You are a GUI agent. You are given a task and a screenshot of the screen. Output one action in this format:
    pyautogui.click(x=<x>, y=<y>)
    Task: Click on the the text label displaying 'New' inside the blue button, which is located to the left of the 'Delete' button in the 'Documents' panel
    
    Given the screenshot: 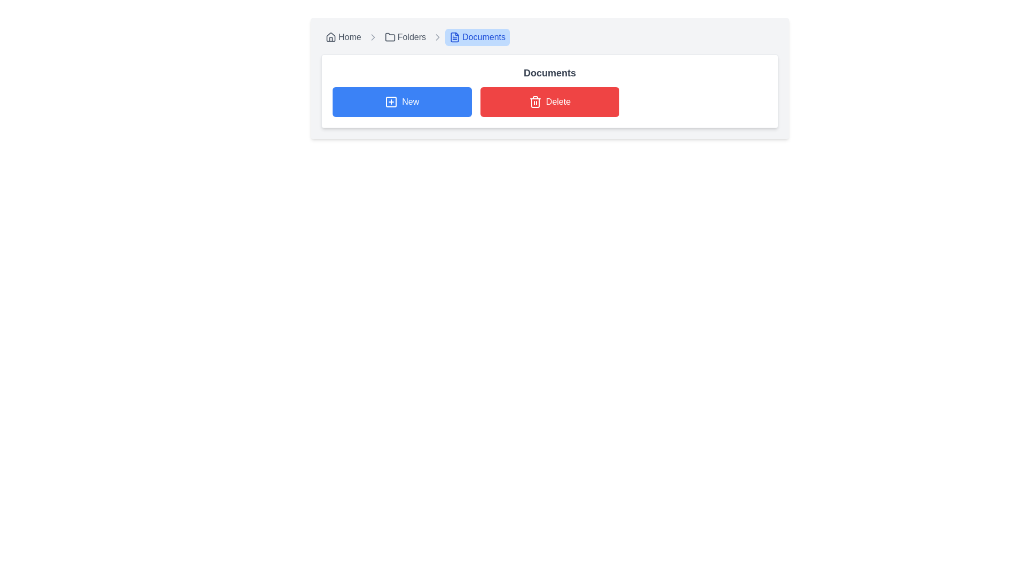 What is the action you would take?
    pyautogui.click(x=410, y=102)
    